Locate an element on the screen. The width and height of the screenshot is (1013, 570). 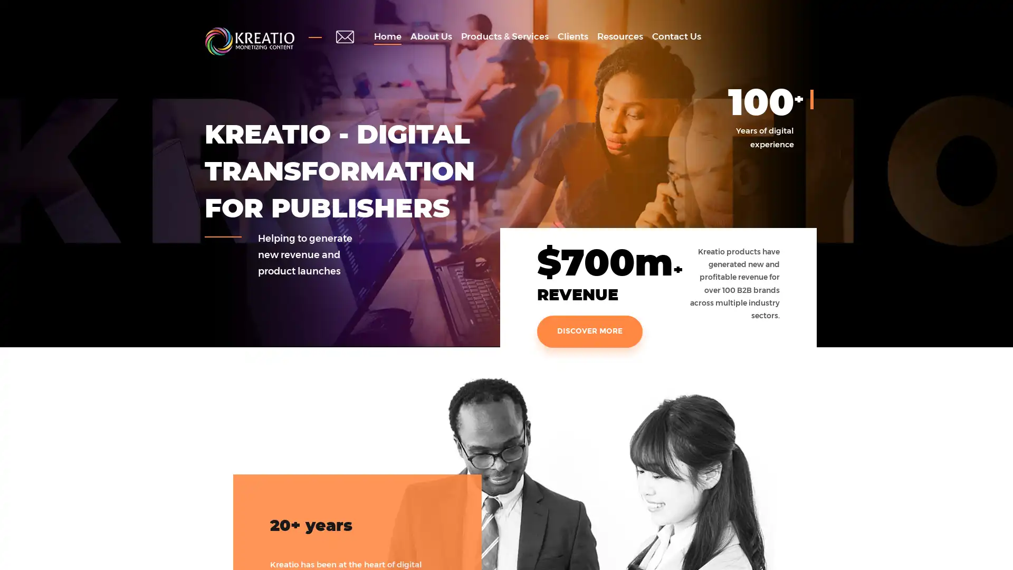
DISCOVER MORE is located at coordinates (589, 331).